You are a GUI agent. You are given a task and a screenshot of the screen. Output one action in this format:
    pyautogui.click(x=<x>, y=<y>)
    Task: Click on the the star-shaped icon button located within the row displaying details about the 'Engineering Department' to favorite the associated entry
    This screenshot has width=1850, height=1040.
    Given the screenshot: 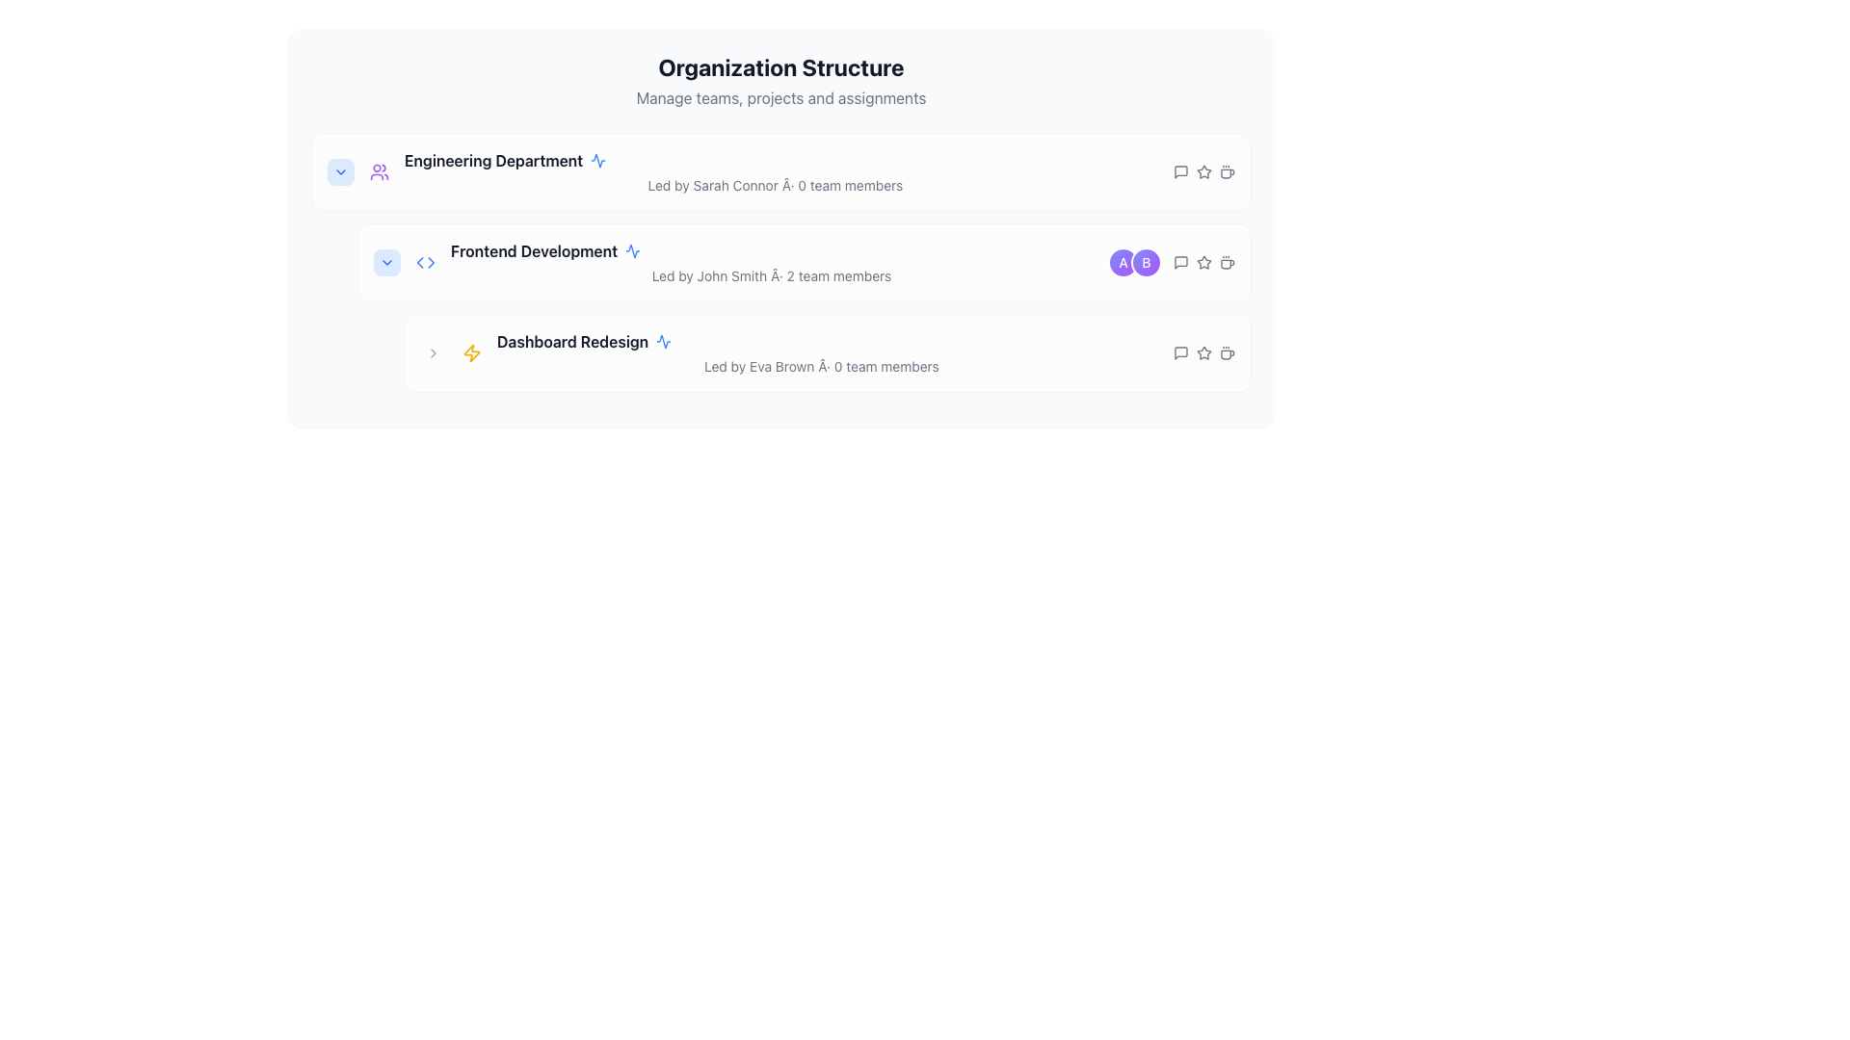 What is the action you would take?
    pyautogui.click(x=1197, y=170)
    